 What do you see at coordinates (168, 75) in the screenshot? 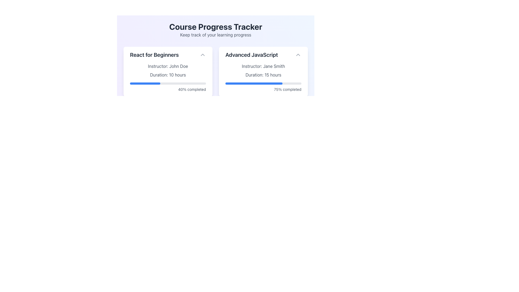
I see `text displayed in the Text Display element that shows 'Duration: 10 hours', which is located below 'Instructor: John Doe' and above a progress bar` at bounding box center [168, 75].